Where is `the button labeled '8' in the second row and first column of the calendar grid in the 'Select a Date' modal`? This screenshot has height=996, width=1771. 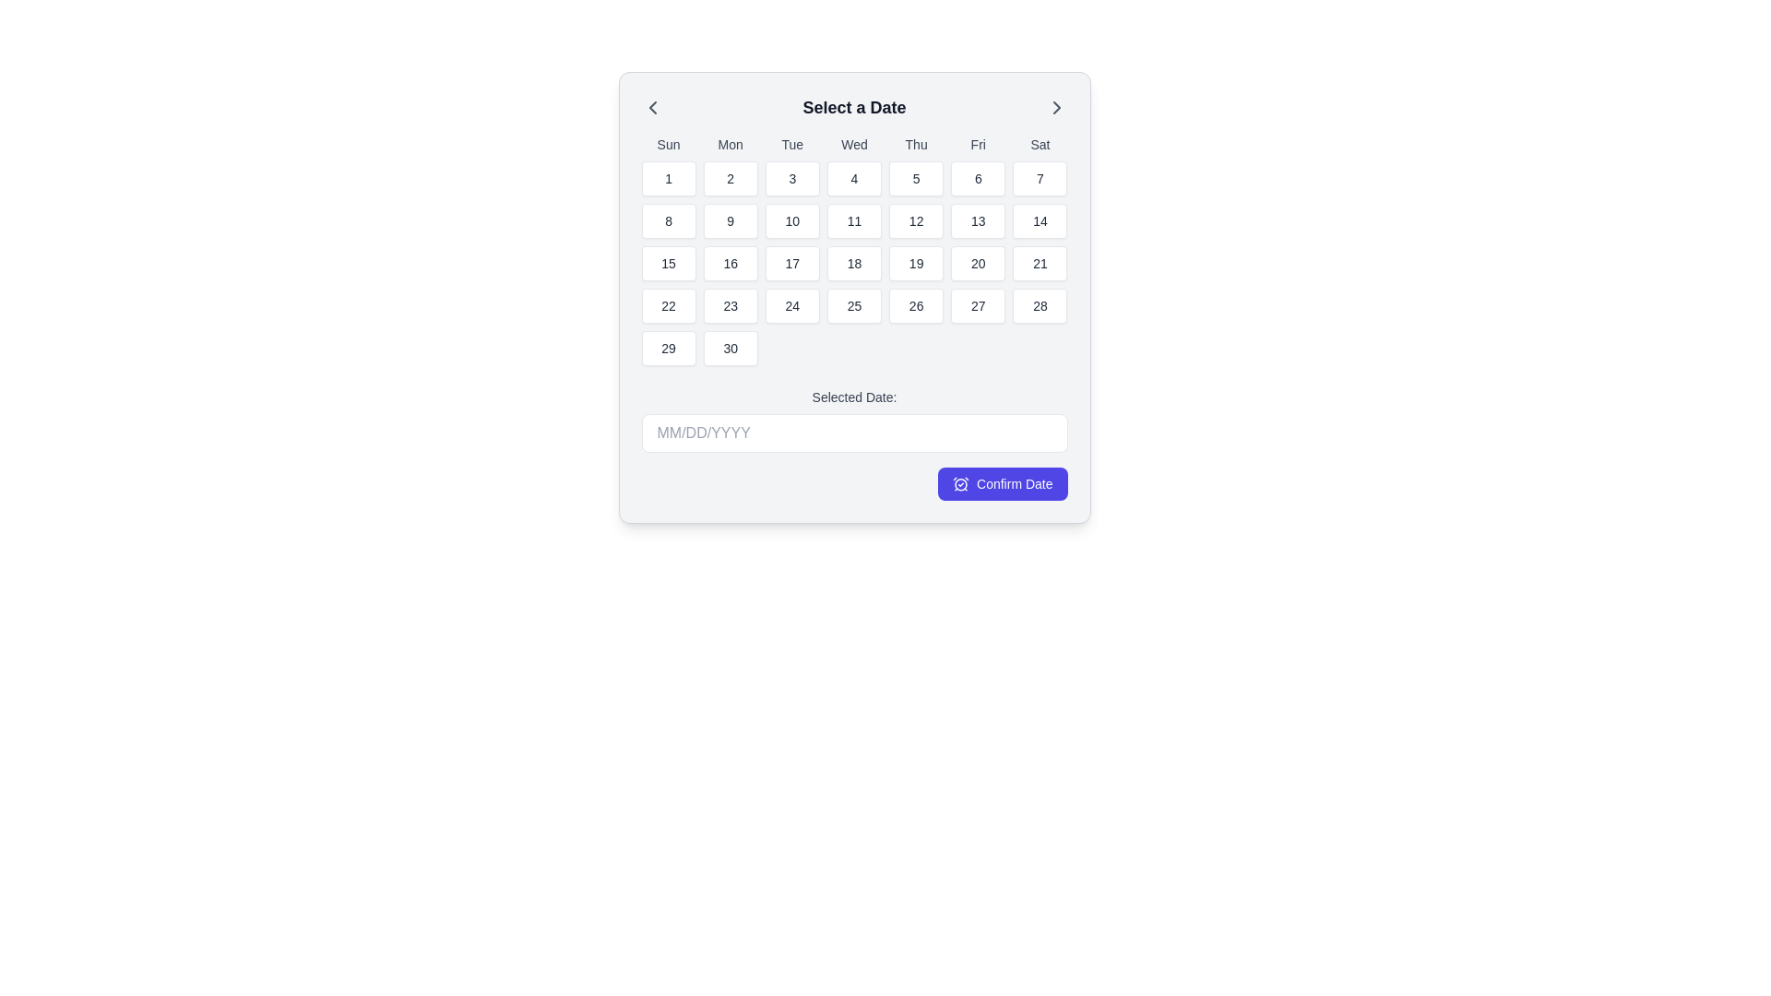
the button labeled '8' in the second row and first column of the calendar grid in the 'Select a Date' modal is located at coordinates (667, 219).